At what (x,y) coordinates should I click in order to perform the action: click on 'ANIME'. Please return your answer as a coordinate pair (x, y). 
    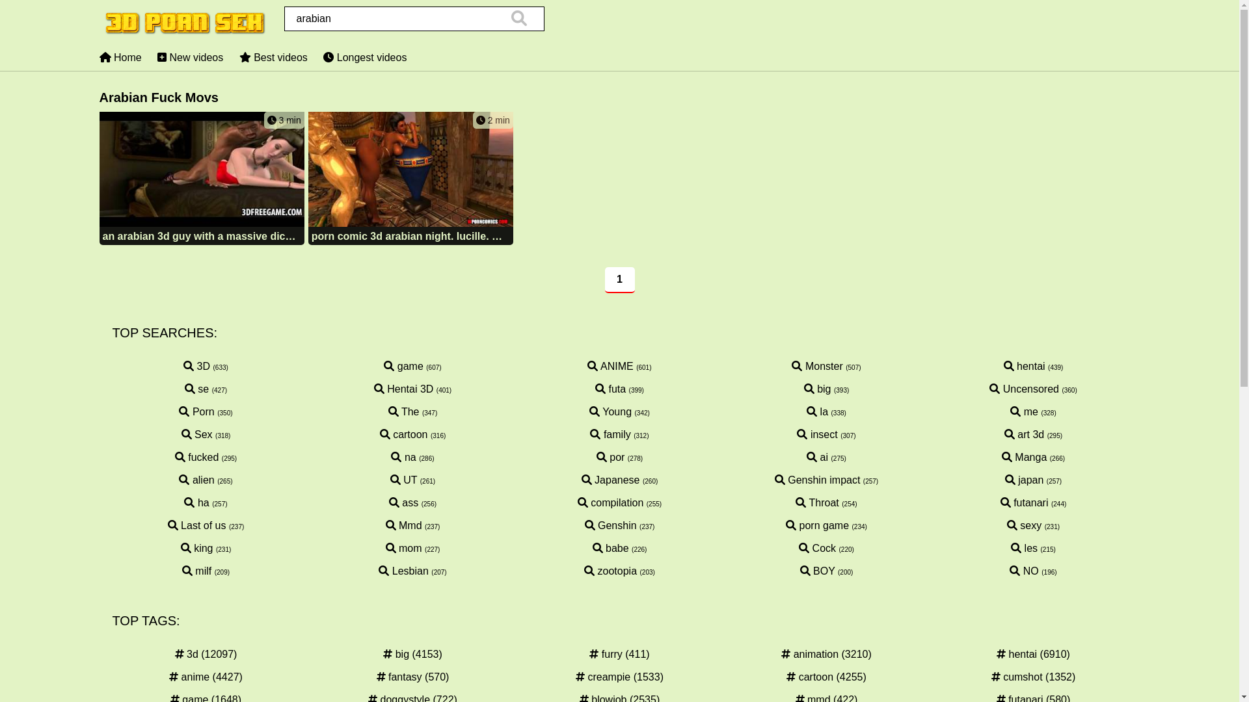
    Looking at the image, I should click on (609, 366).